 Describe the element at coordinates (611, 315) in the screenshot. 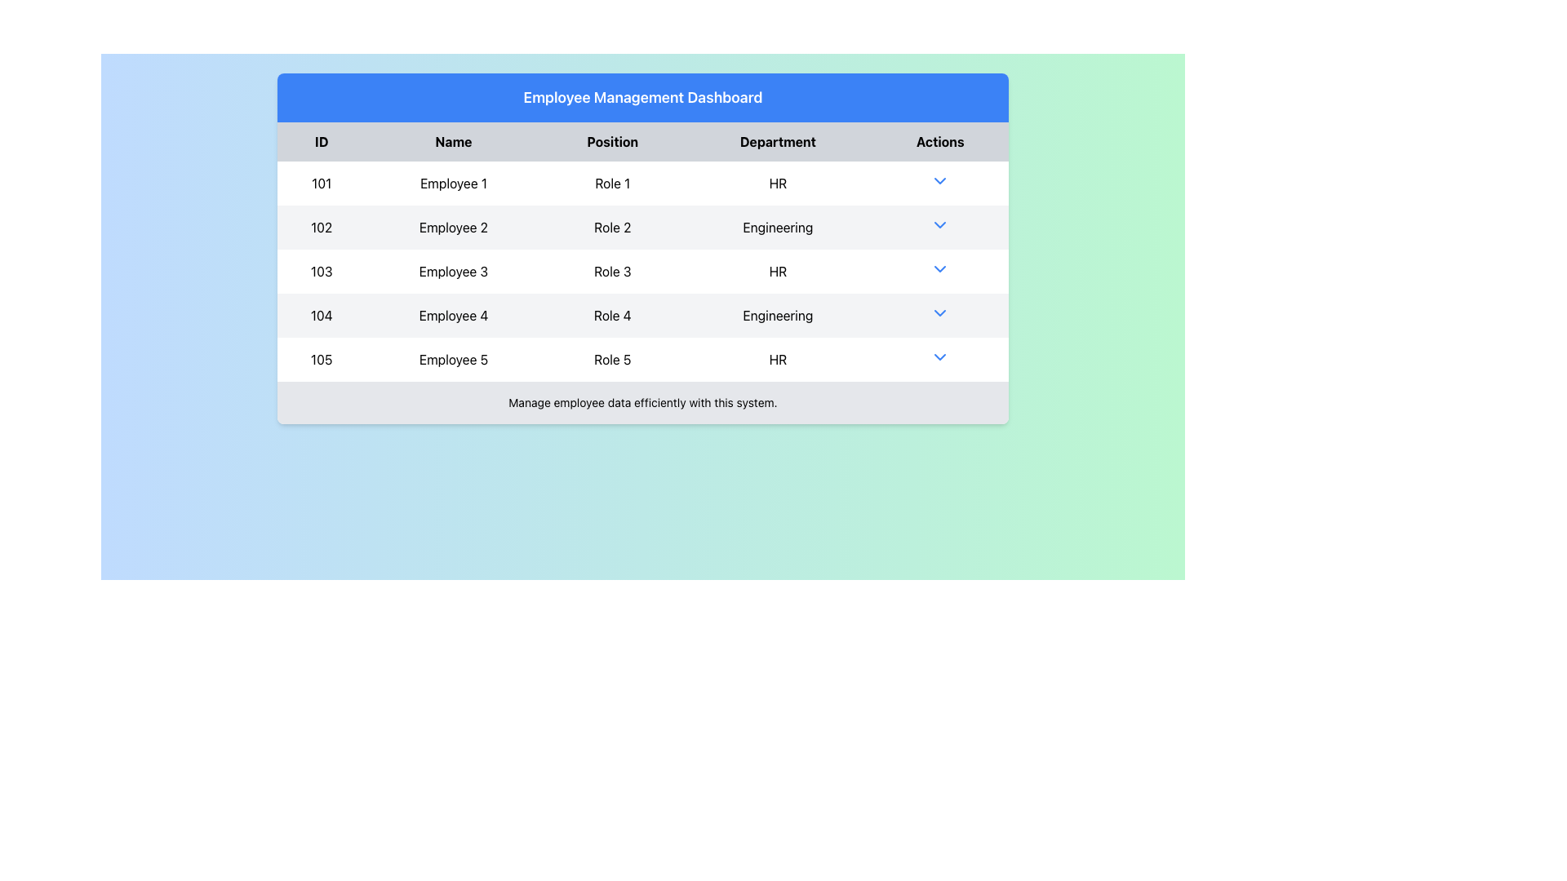

I see `the static text label displaying 'Role 4' located in the 'Position' column of the table row for 'Employee 4'` at that location.